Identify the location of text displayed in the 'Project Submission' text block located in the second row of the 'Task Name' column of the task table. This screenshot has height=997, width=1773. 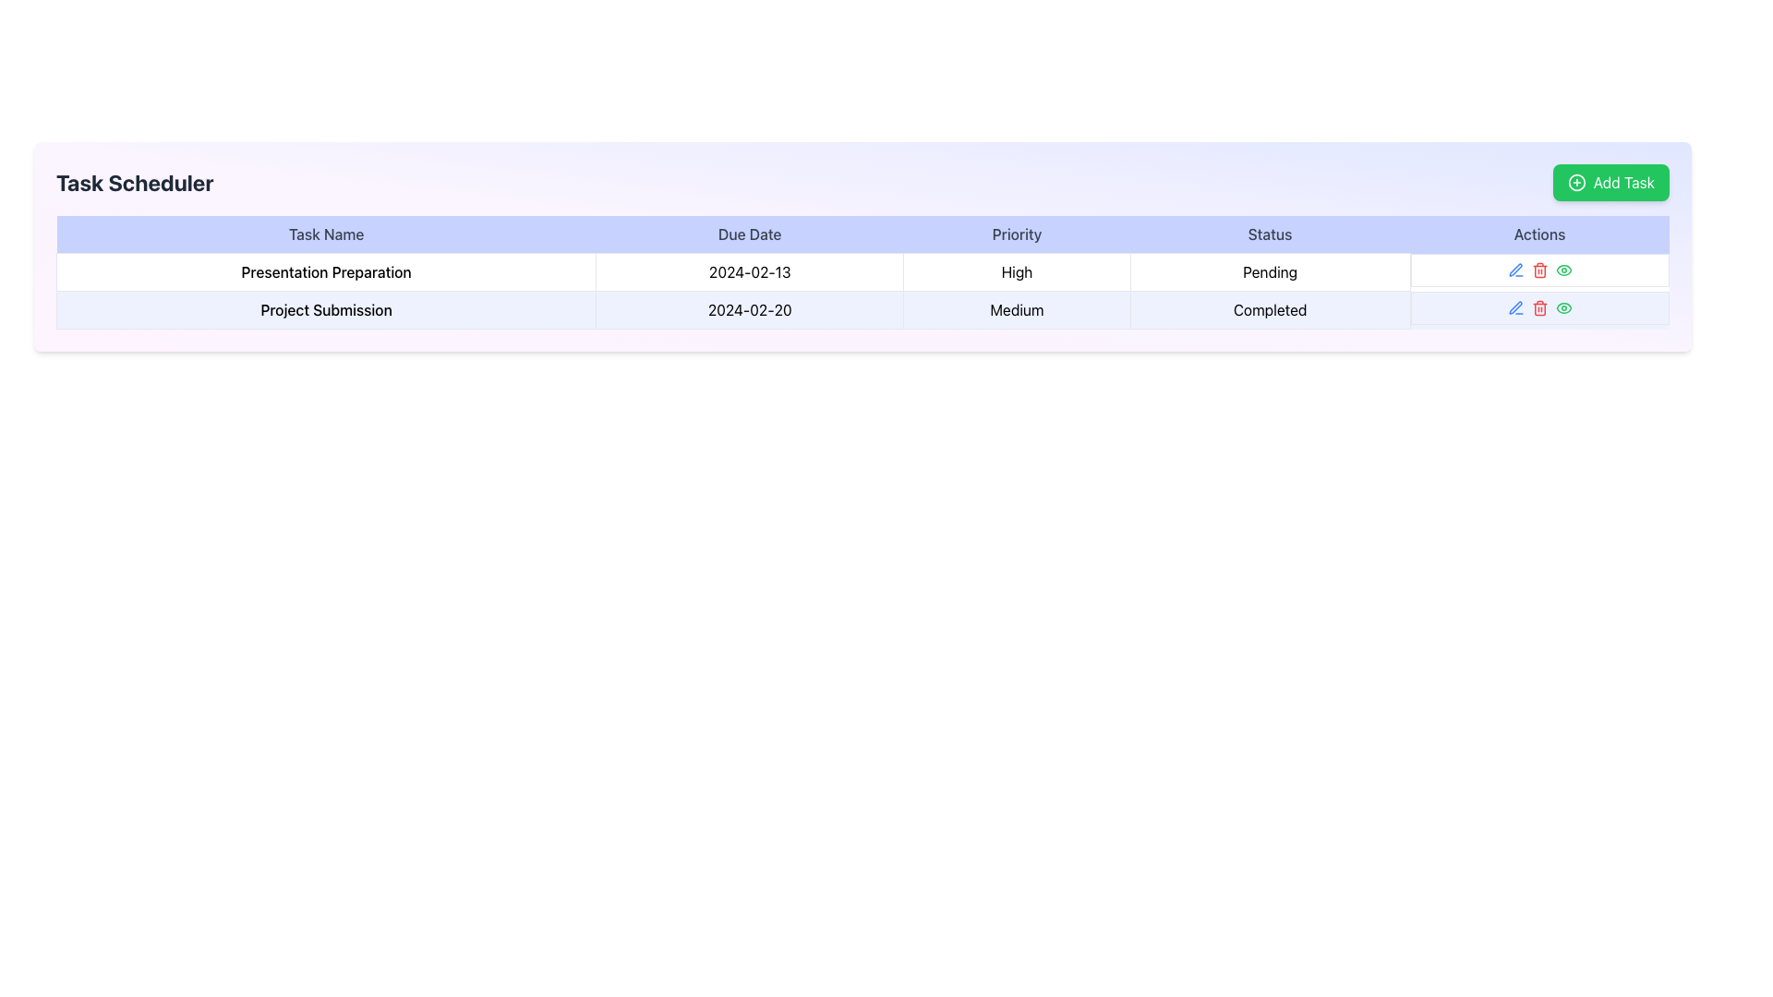
(326, 308).